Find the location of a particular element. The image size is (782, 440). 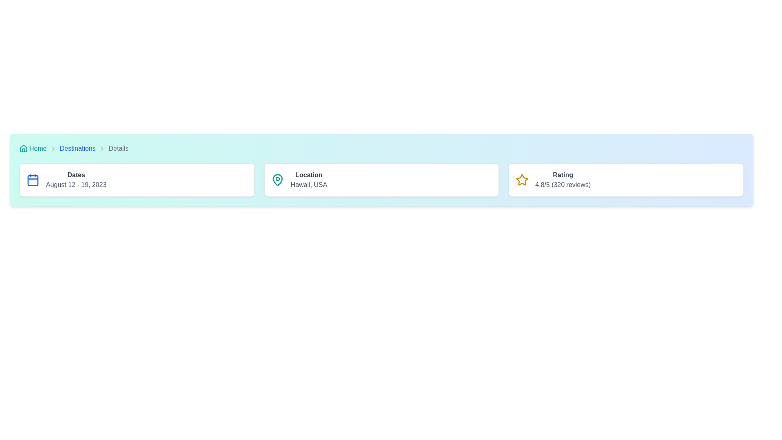

the teal map pin icon which resembles a location marker, located to the left of the text 'Location' in the second card of a horizontal list of cards is located at coordinates (277, 180).